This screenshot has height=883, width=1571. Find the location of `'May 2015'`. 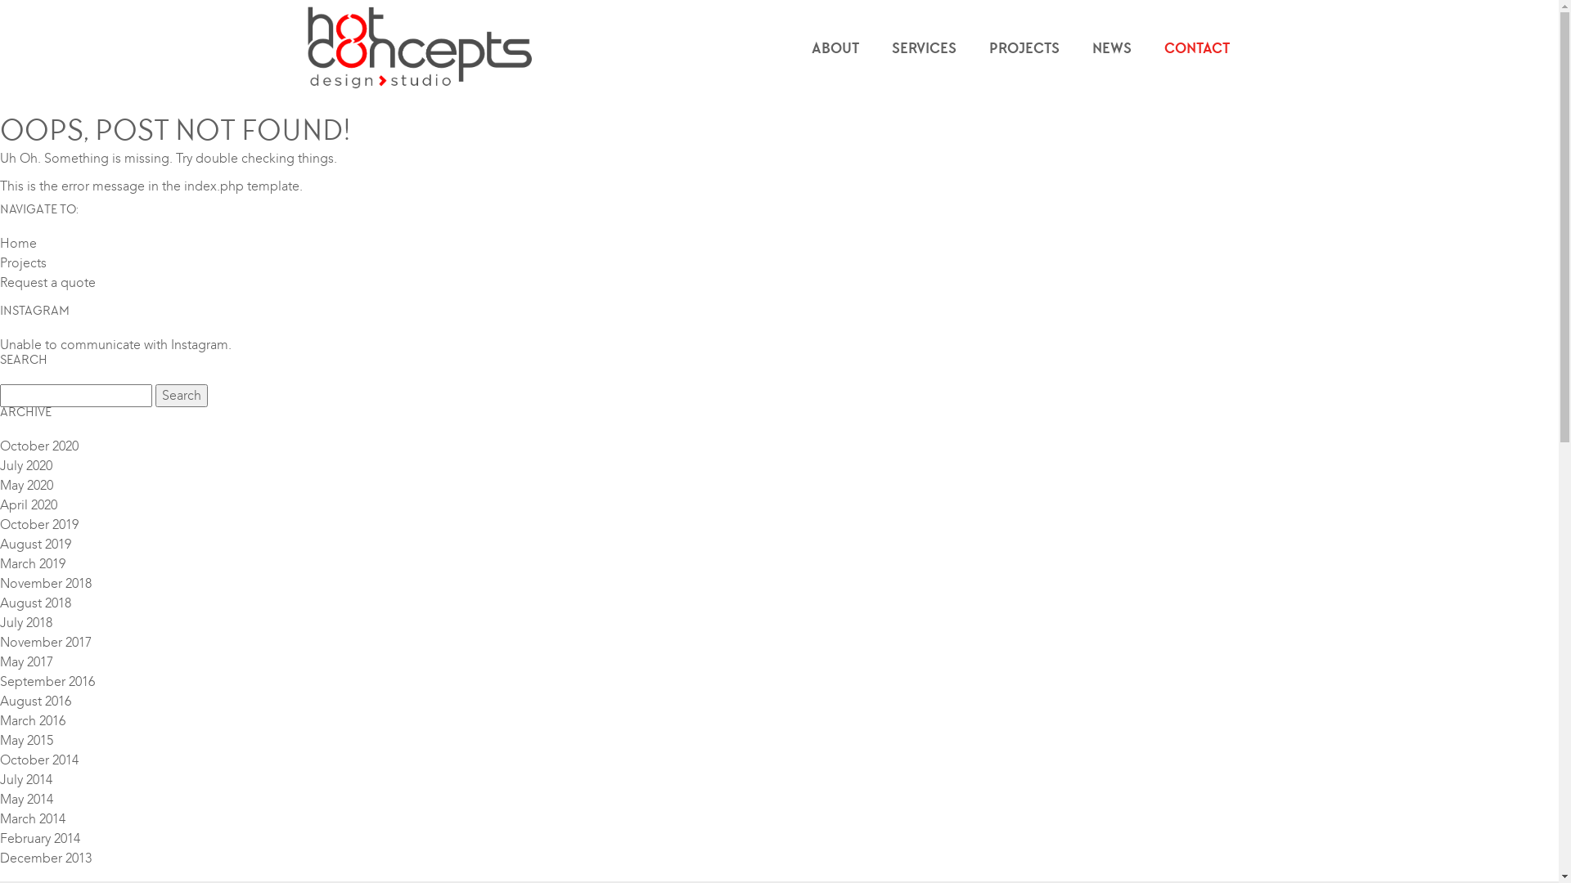

'May 2015' is located at coordinates (0, 741).